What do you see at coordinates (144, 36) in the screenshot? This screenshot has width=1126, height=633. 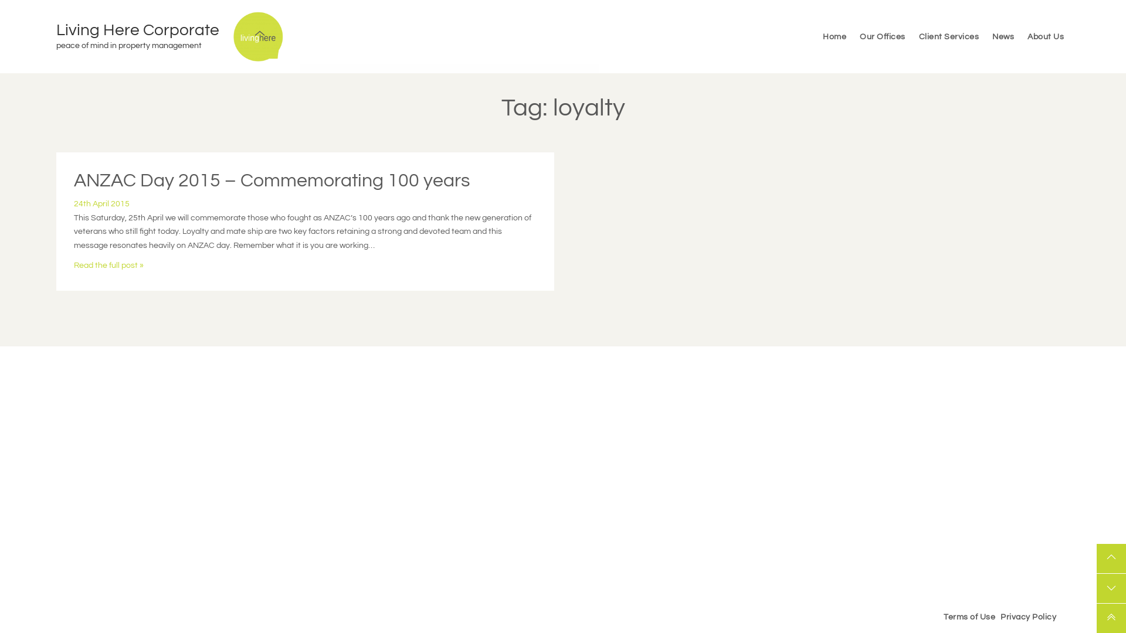 I see `'Living Here Corporate` at bounding box center [144, 36].